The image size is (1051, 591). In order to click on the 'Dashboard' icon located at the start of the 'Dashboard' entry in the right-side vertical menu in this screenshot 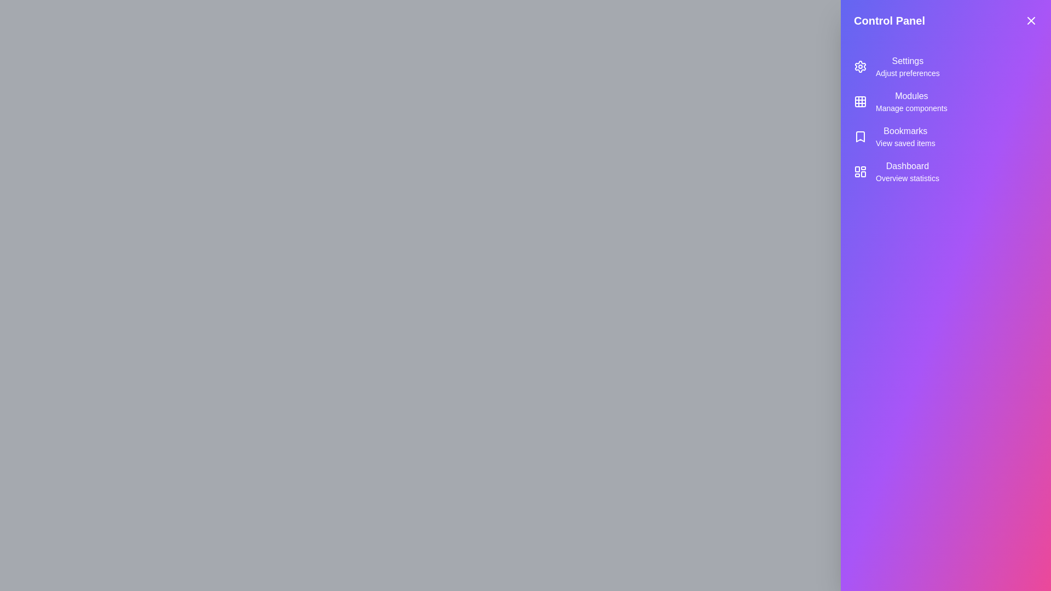, I will do `click(859, 171)`.